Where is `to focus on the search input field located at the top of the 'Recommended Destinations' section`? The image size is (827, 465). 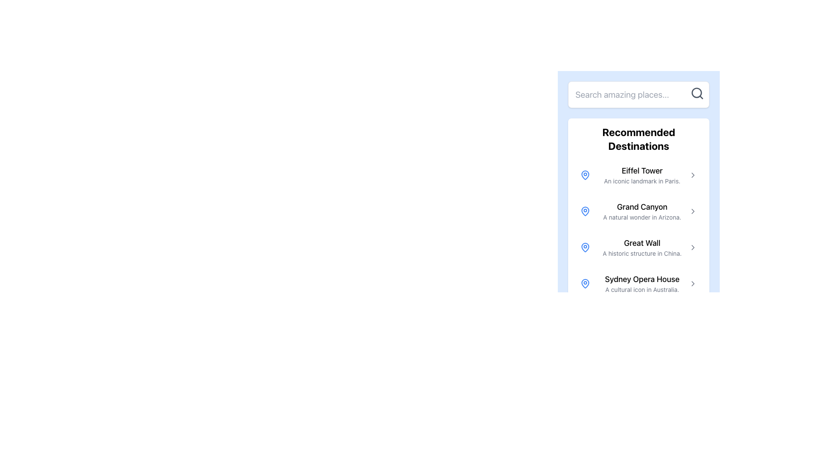
to focus on the search input field located at the top of the 'Recommended Destinations' section is located at coordinates (639, 94).